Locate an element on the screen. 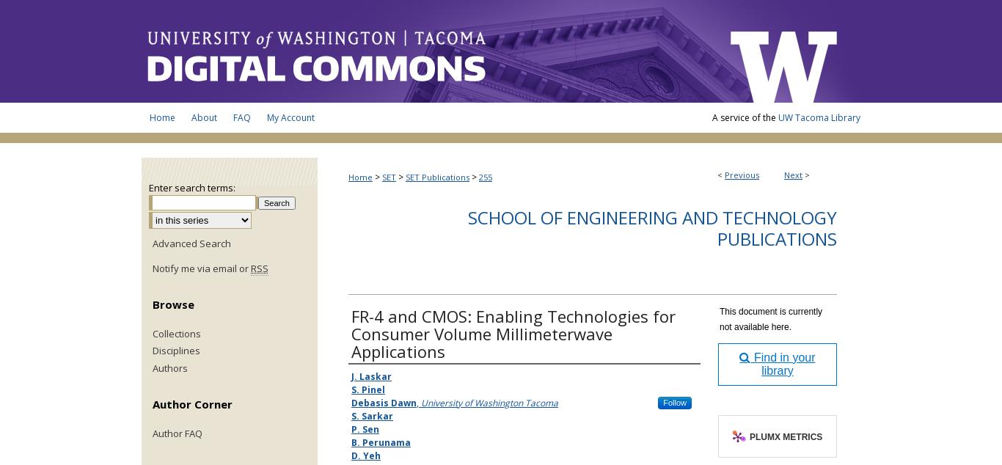  'S. Pinel' is located at coordinates (351, 389).